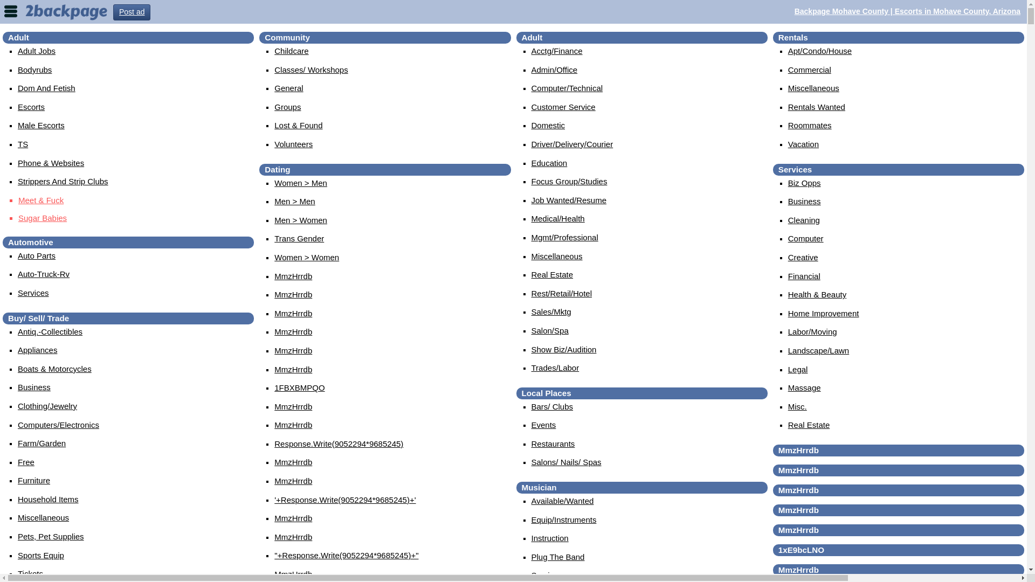 The height and width of the screenshot is (582, 1035). I want to click on 'Customer Service', so click(563, 107).